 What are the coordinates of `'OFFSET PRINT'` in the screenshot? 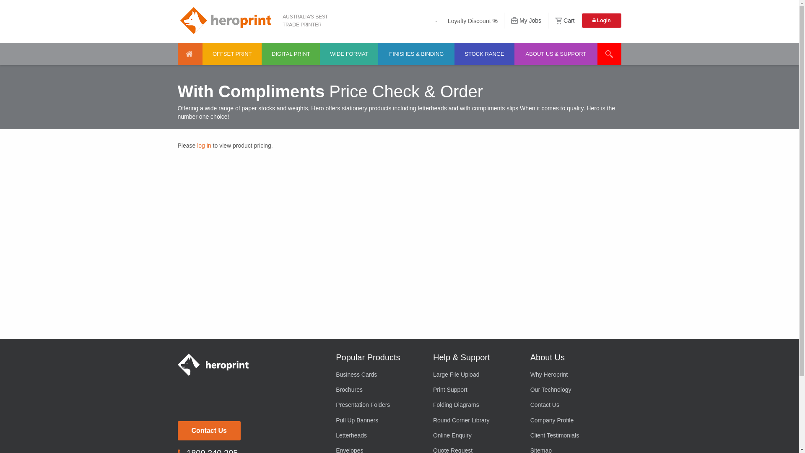 It's located at (232, 53).